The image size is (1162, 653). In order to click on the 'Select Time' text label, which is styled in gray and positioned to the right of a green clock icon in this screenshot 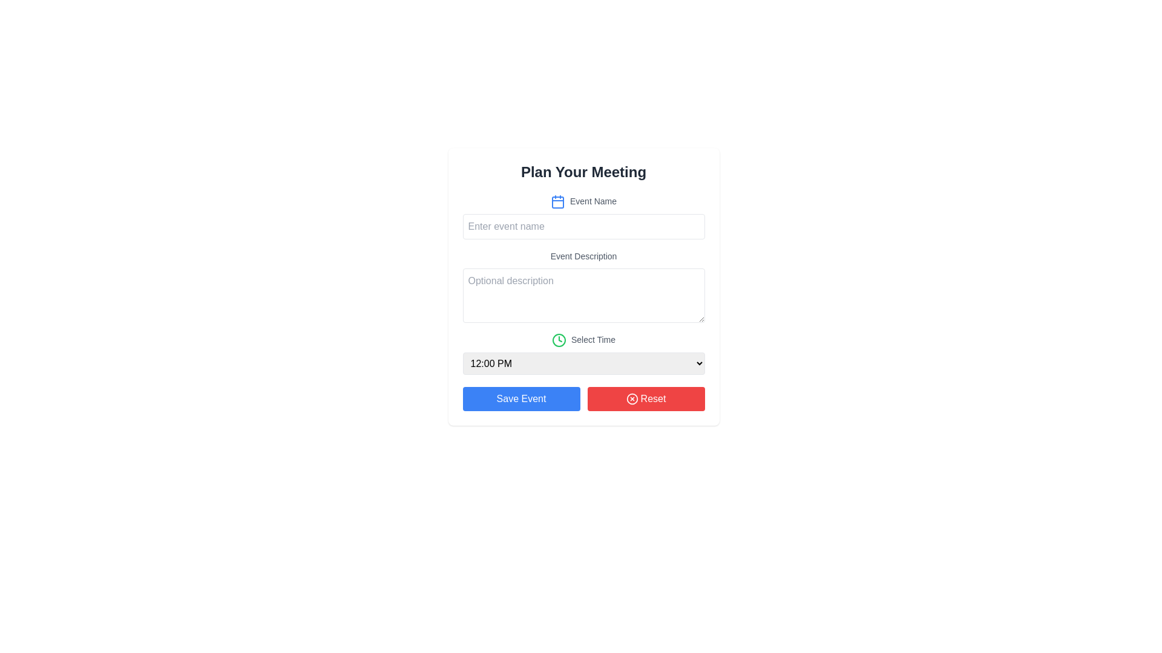, I will do `click(593, 339)`.